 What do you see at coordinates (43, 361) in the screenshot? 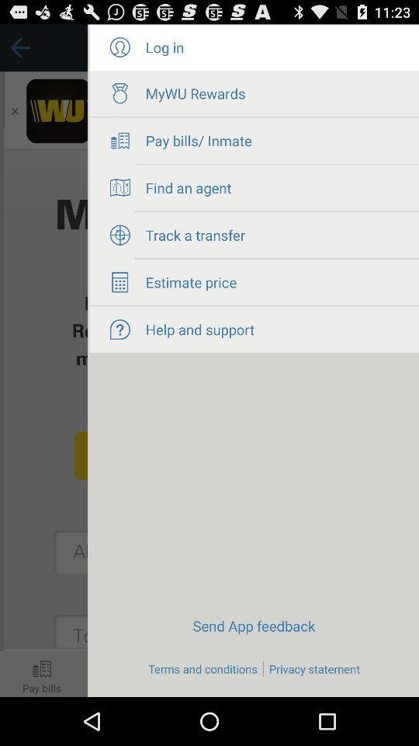
I see `pop up menu` at bounding box center [43, 361].